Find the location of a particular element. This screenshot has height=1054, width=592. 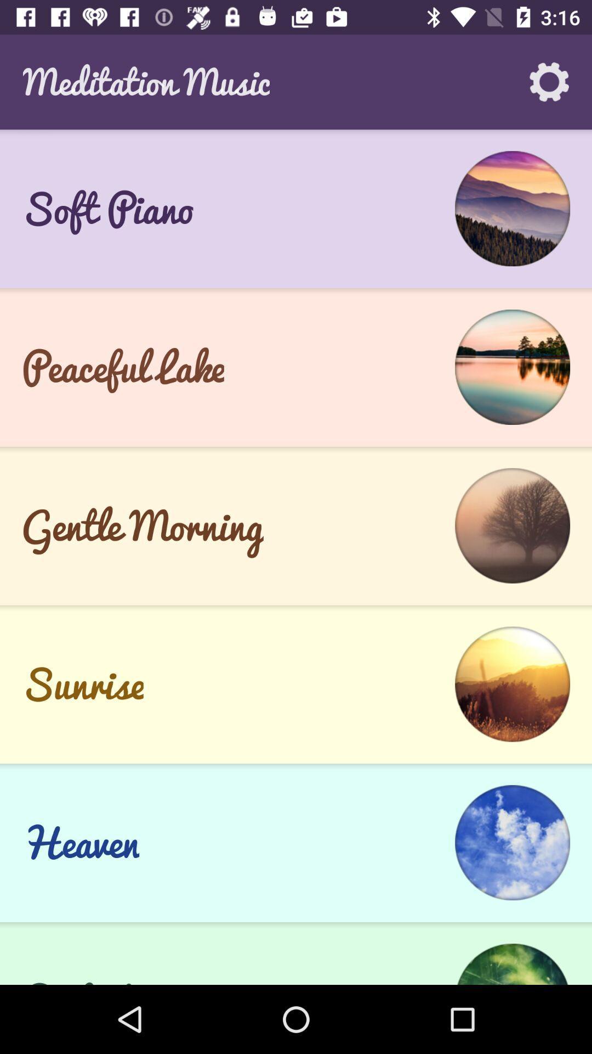

the meditation music app is located at coordinates (145, 81).